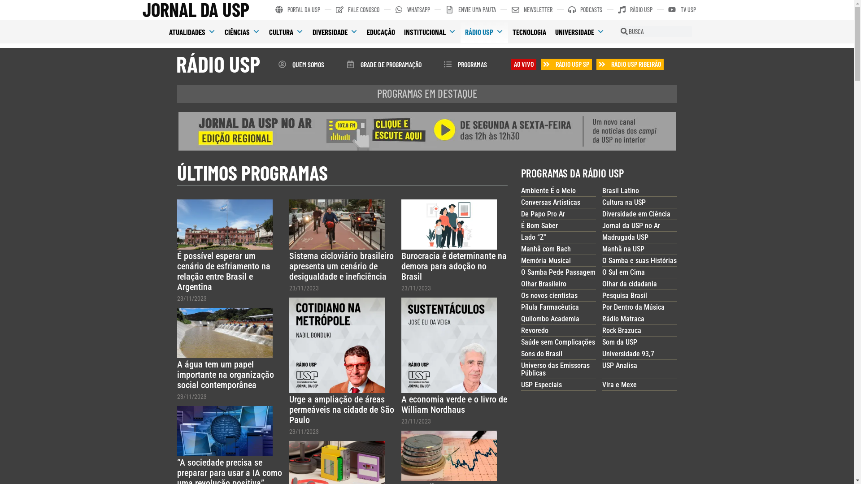  What do you see at coordinates (621, 330) in the screenshot?
I see `'Rock Brazuca'` at bounding box center [621, 330].